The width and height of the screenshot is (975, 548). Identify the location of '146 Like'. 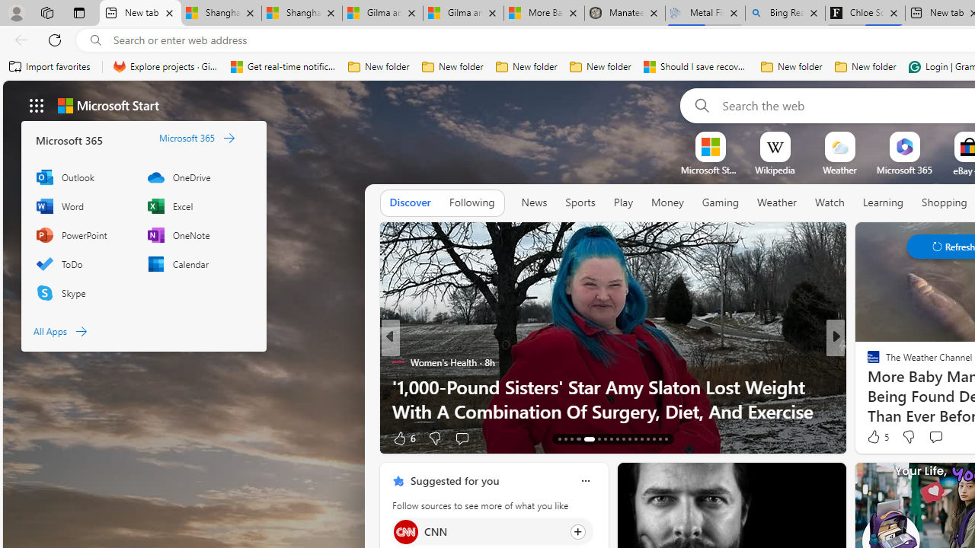
(877, 438).